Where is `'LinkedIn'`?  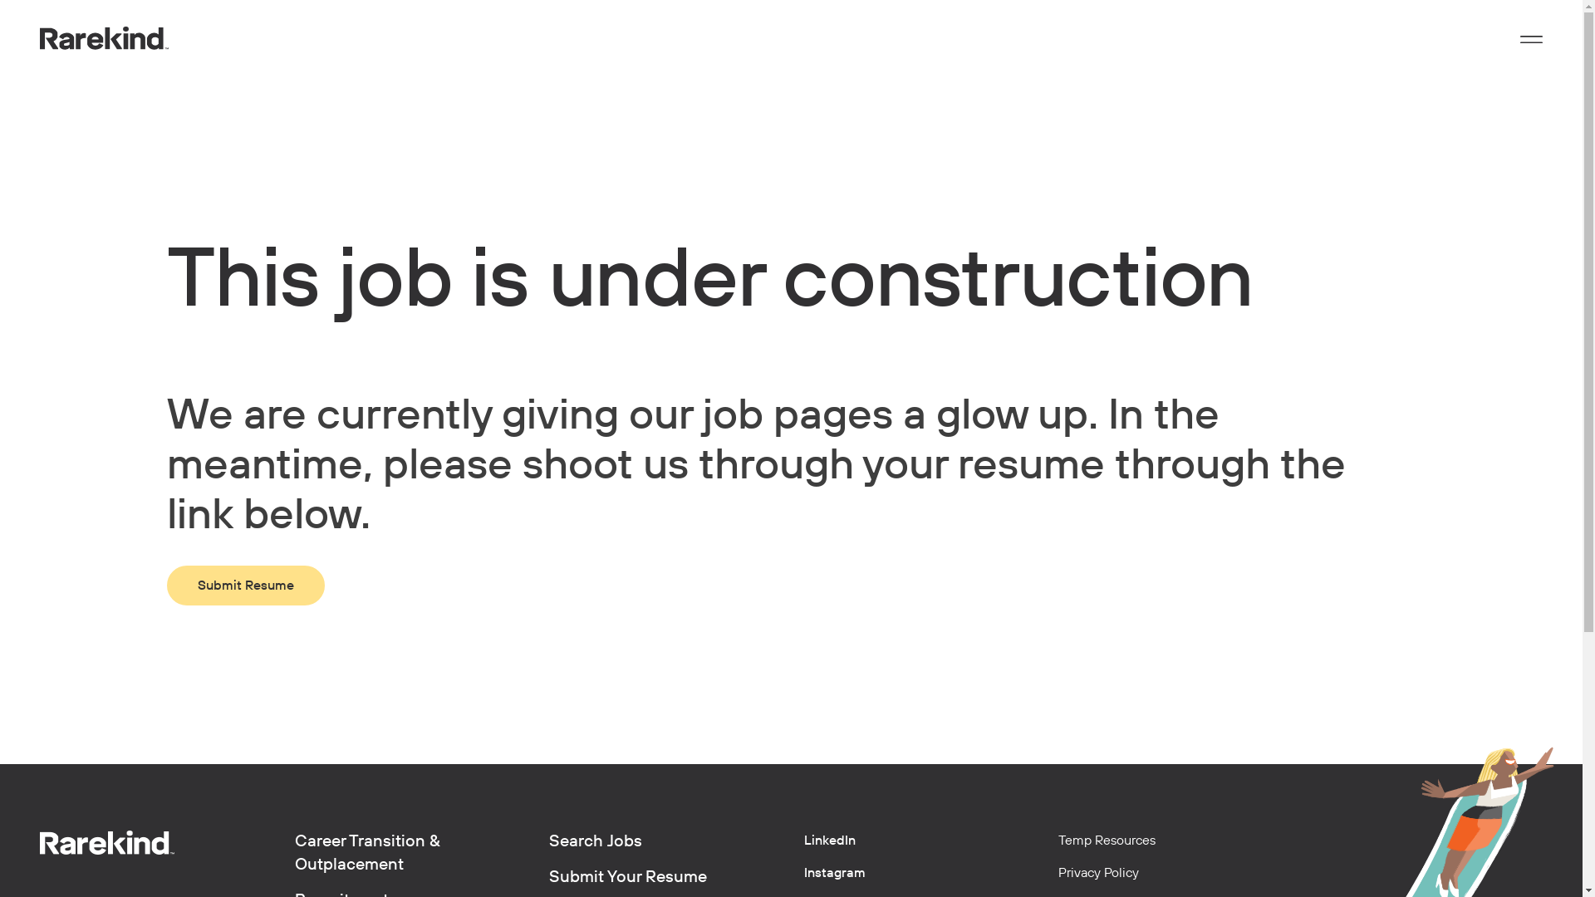
'LinkedIn' is located at coordinates (829, 840).